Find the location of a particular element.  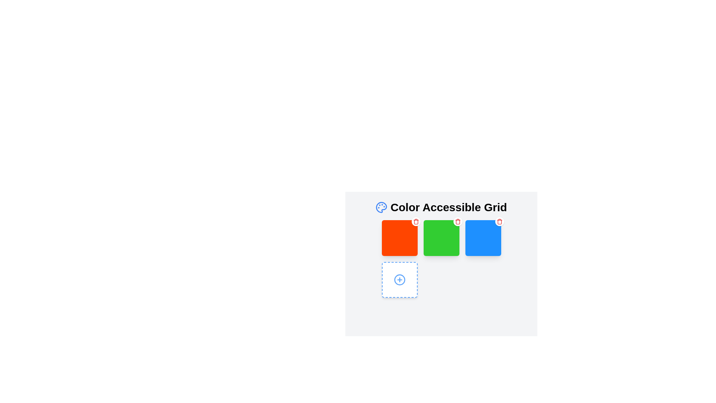

the interactive button in the second row and first column of the grid below the 'Color Accessible Grid' title is located at coordinates (399, 279).